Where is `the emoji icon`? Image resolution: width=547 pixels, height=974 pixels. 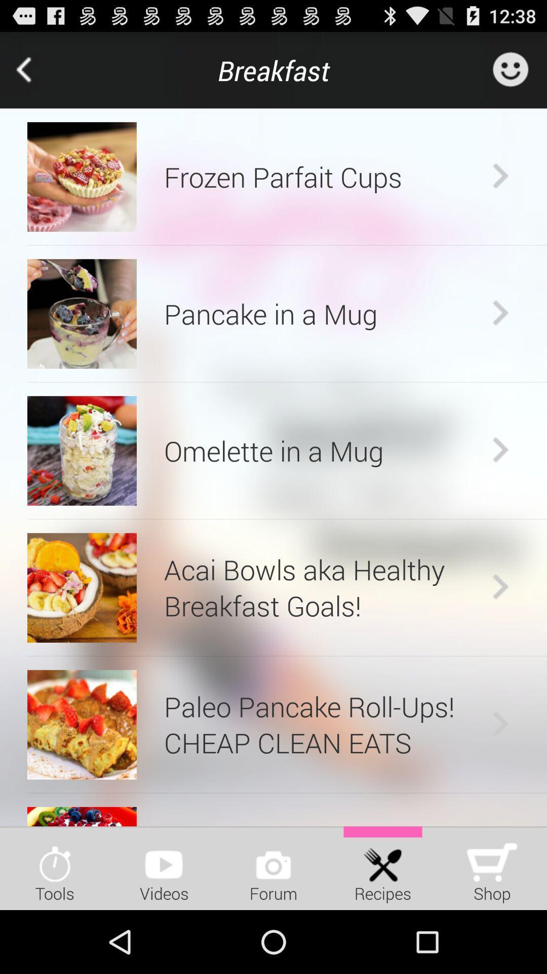 the emoji icon is located at coordinates (510, 74).